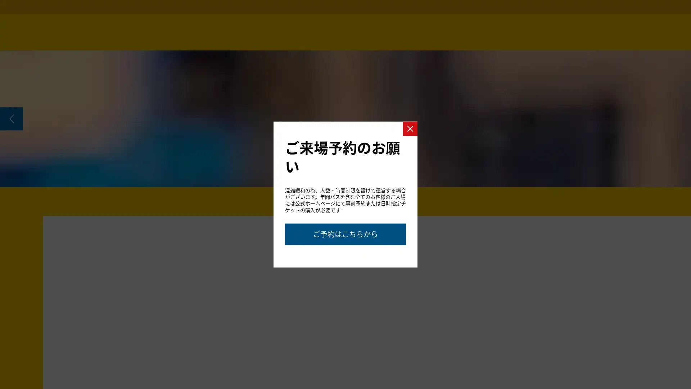 The width and height of the screenshot is (691, 389). Describe the element at coordinates (345, 279) in the screenshot. I see `Go to slide 2` at that location.